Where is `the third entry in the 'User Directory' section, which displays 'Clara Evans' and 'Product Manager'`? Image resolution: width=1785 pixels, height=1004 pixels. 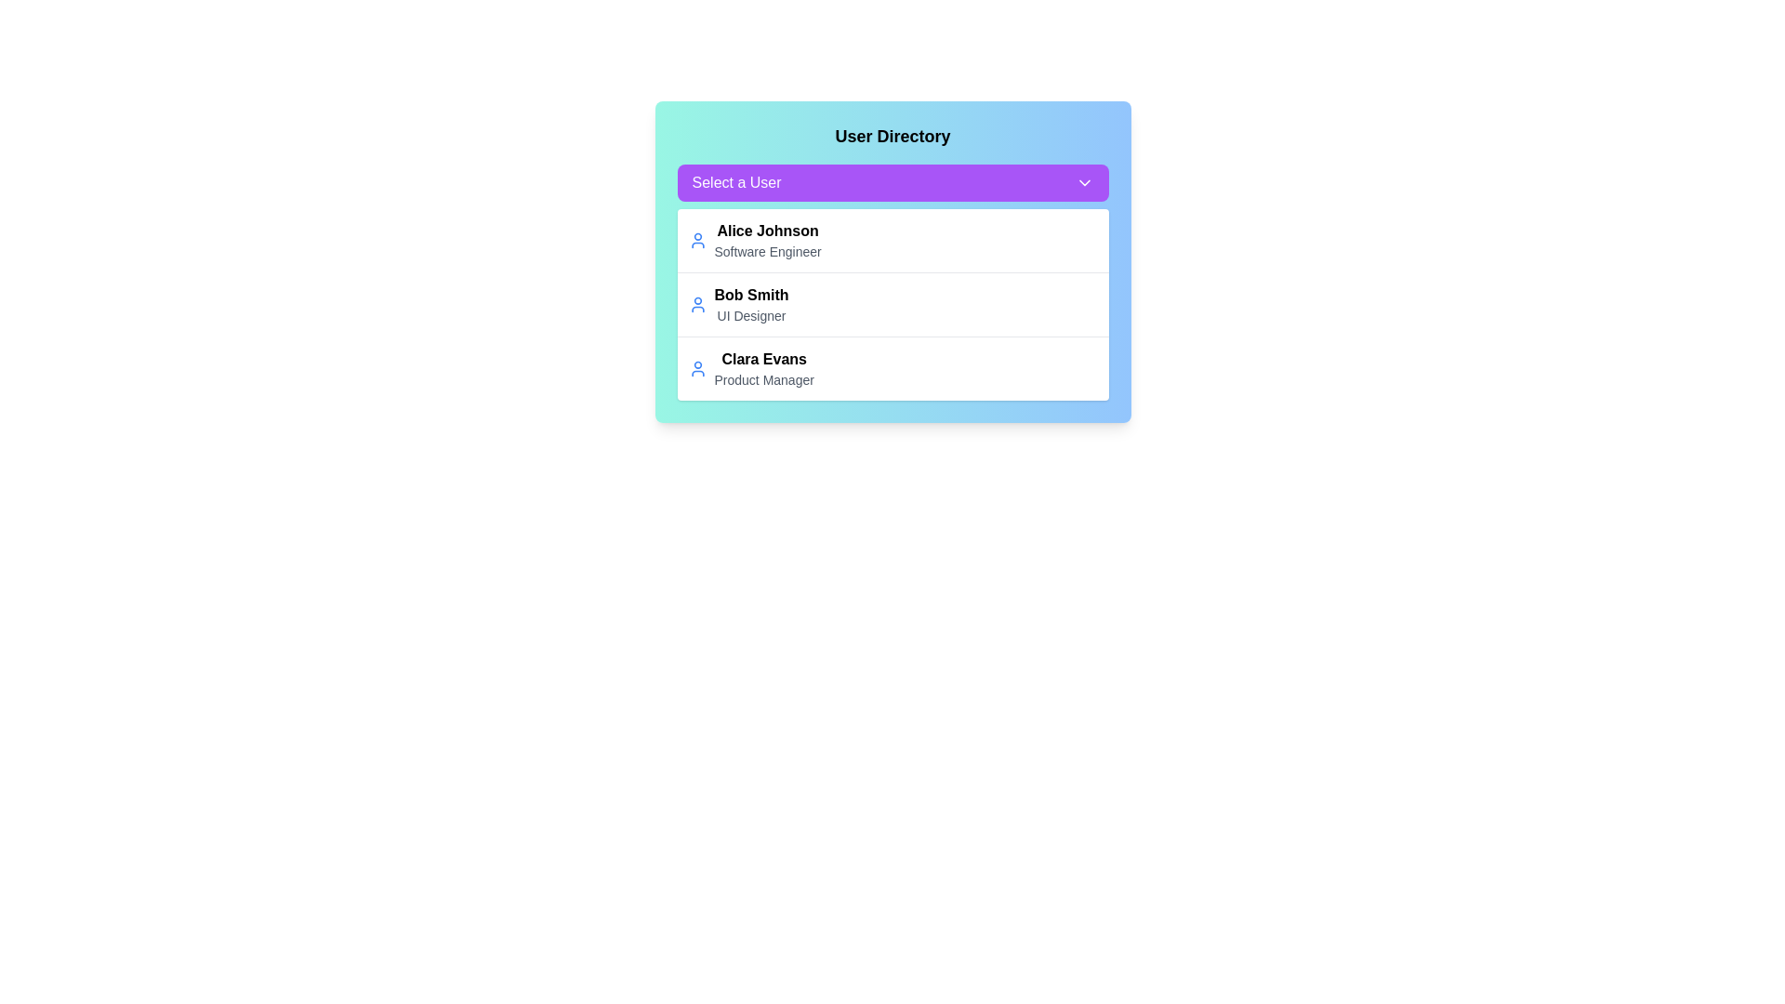
the third entry in the 'User Directory' section, which displays 'Clara Evans' and 'Product Manager' is located at coordinates (764, 369).